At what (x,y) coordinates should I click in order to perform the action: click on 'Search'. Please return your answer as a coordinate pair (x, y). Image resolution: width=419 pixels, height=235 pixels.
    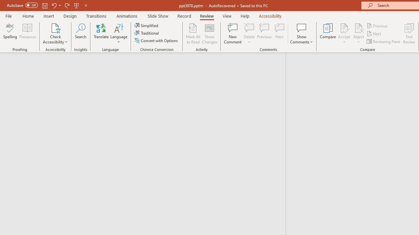
    Looking at the image, I should click on (81, 34).